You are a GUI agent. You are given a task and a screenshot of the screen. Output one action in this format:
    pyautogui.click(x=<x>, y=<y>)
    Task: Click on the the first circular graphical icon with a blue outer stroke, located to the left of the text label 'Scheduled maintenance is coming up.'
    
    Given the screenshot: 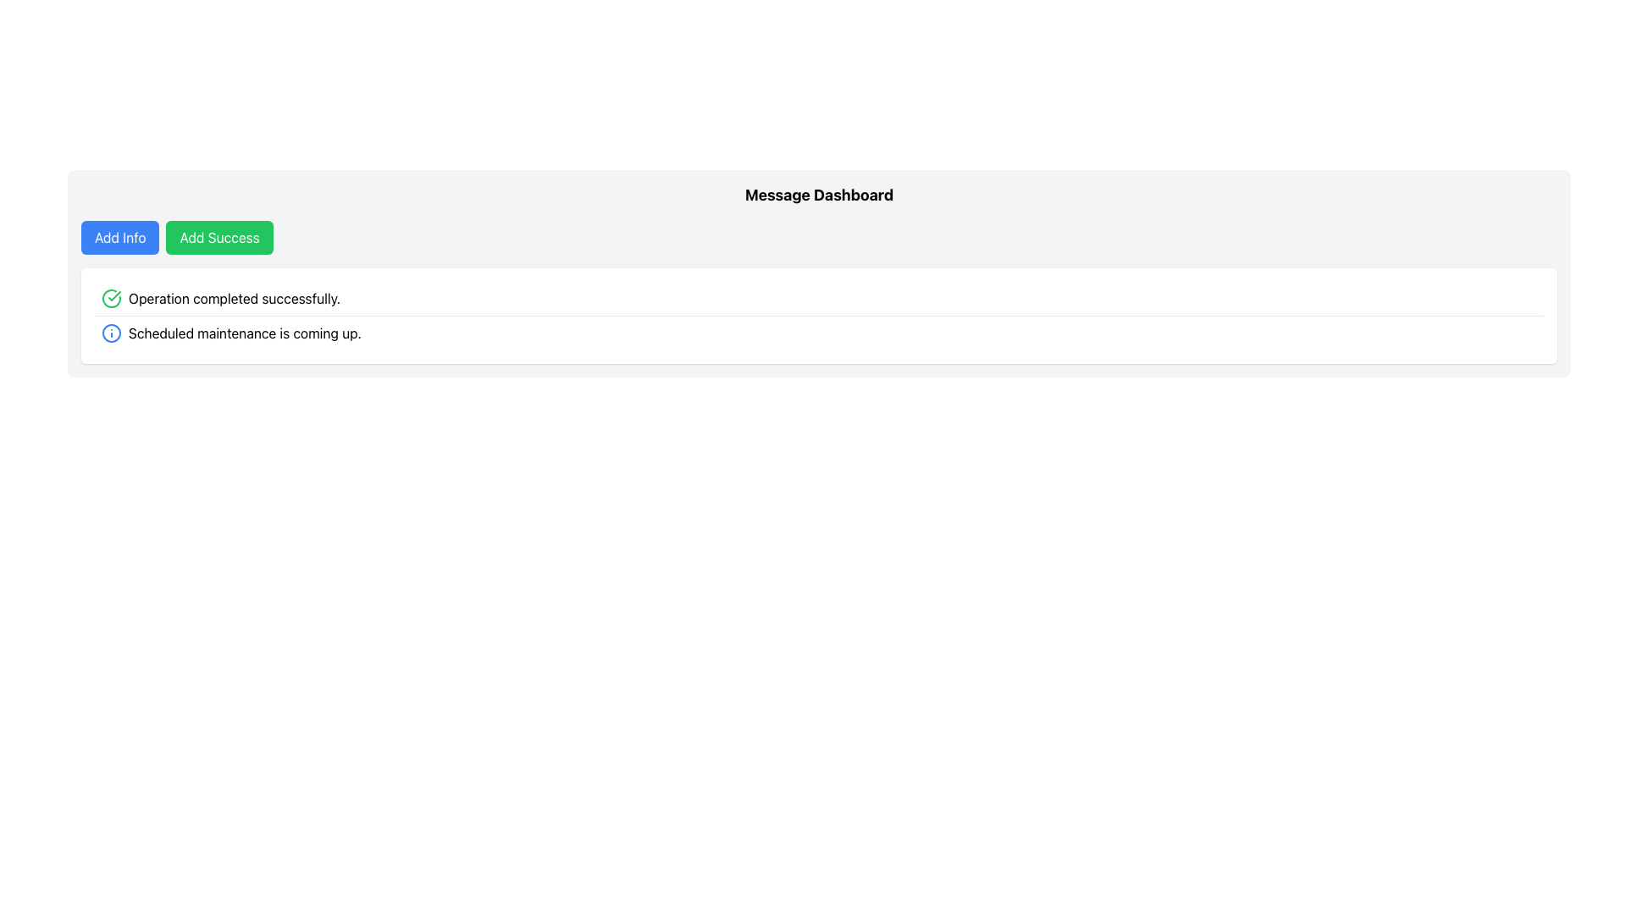 What is the action you would take?
    pyautogui.click(x=111, y=333)
    